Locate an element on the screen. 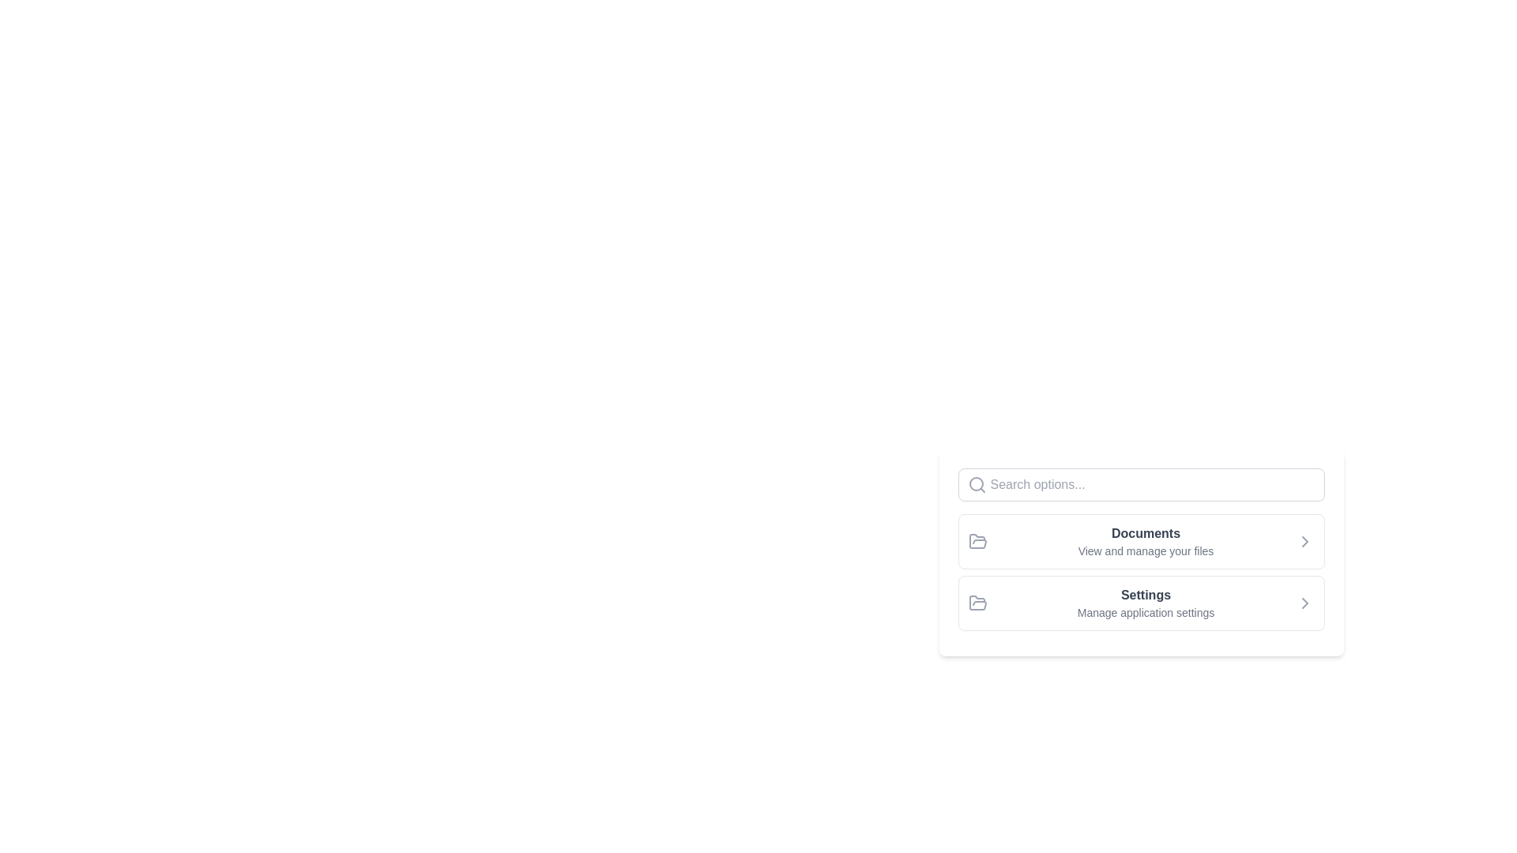 Image resolution: width=1517 pixels, height=853 pixels. the right chevron icon button, which is styled in light gray and positioned at the far right within the 'Documents' section is located at coordinates (1304, 541).